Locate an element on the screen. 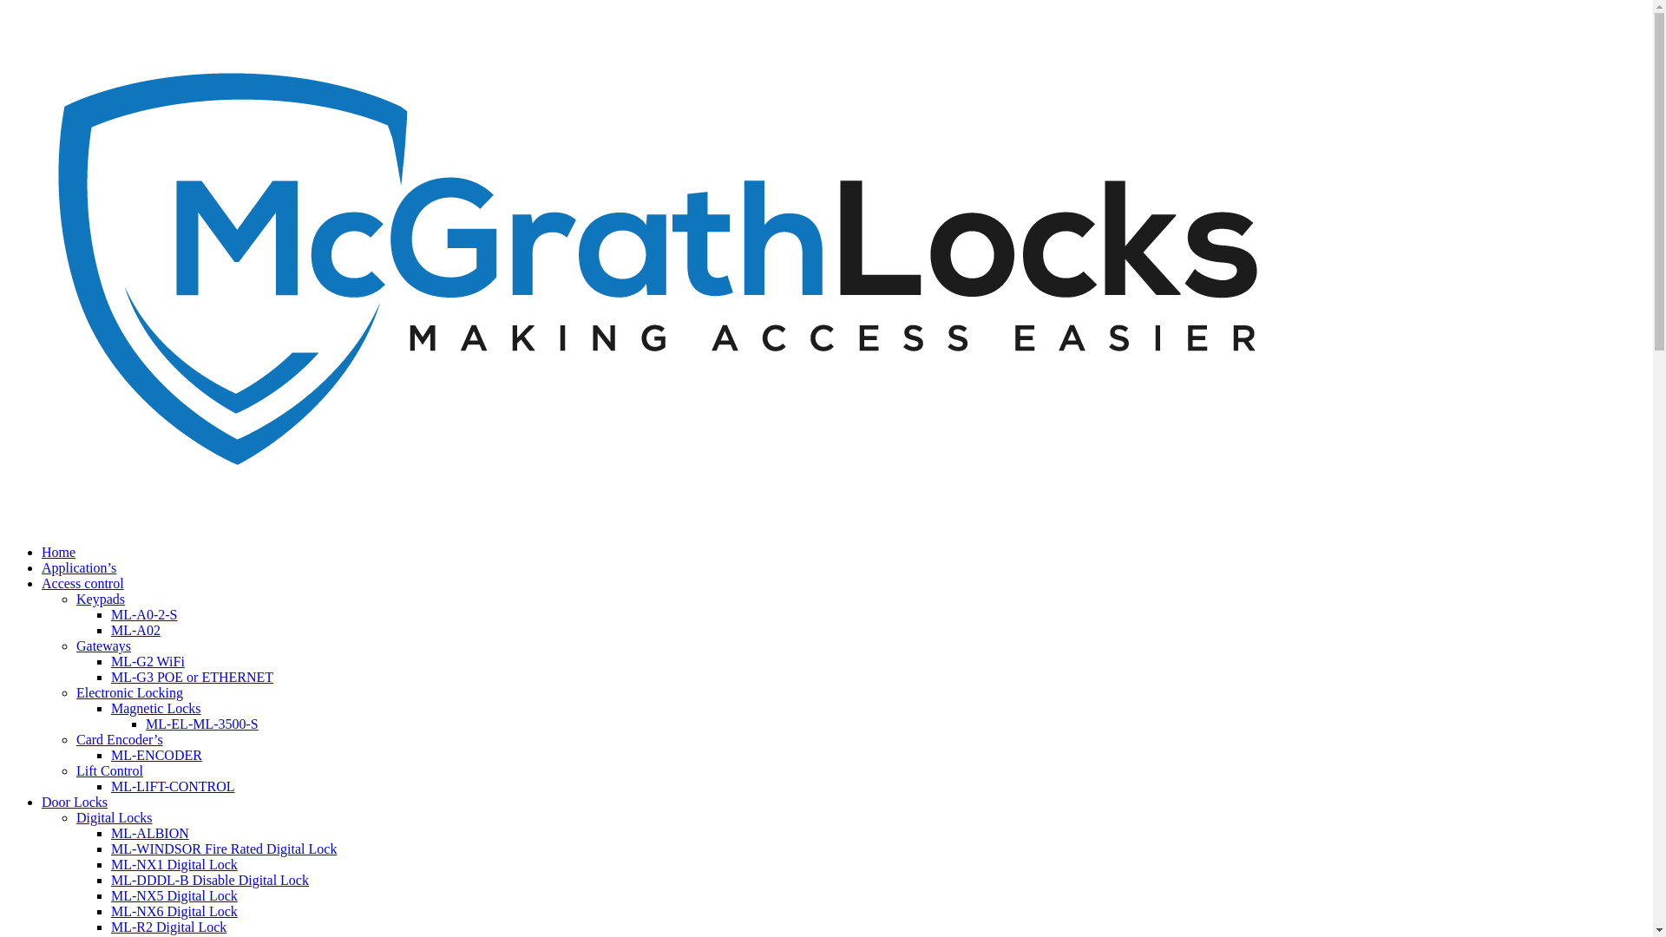 The width and height of the screenshot is (1666, 937). 'ML-WINDSOR Fire Rated Digital Lock' is located at coordinates (223, 848).